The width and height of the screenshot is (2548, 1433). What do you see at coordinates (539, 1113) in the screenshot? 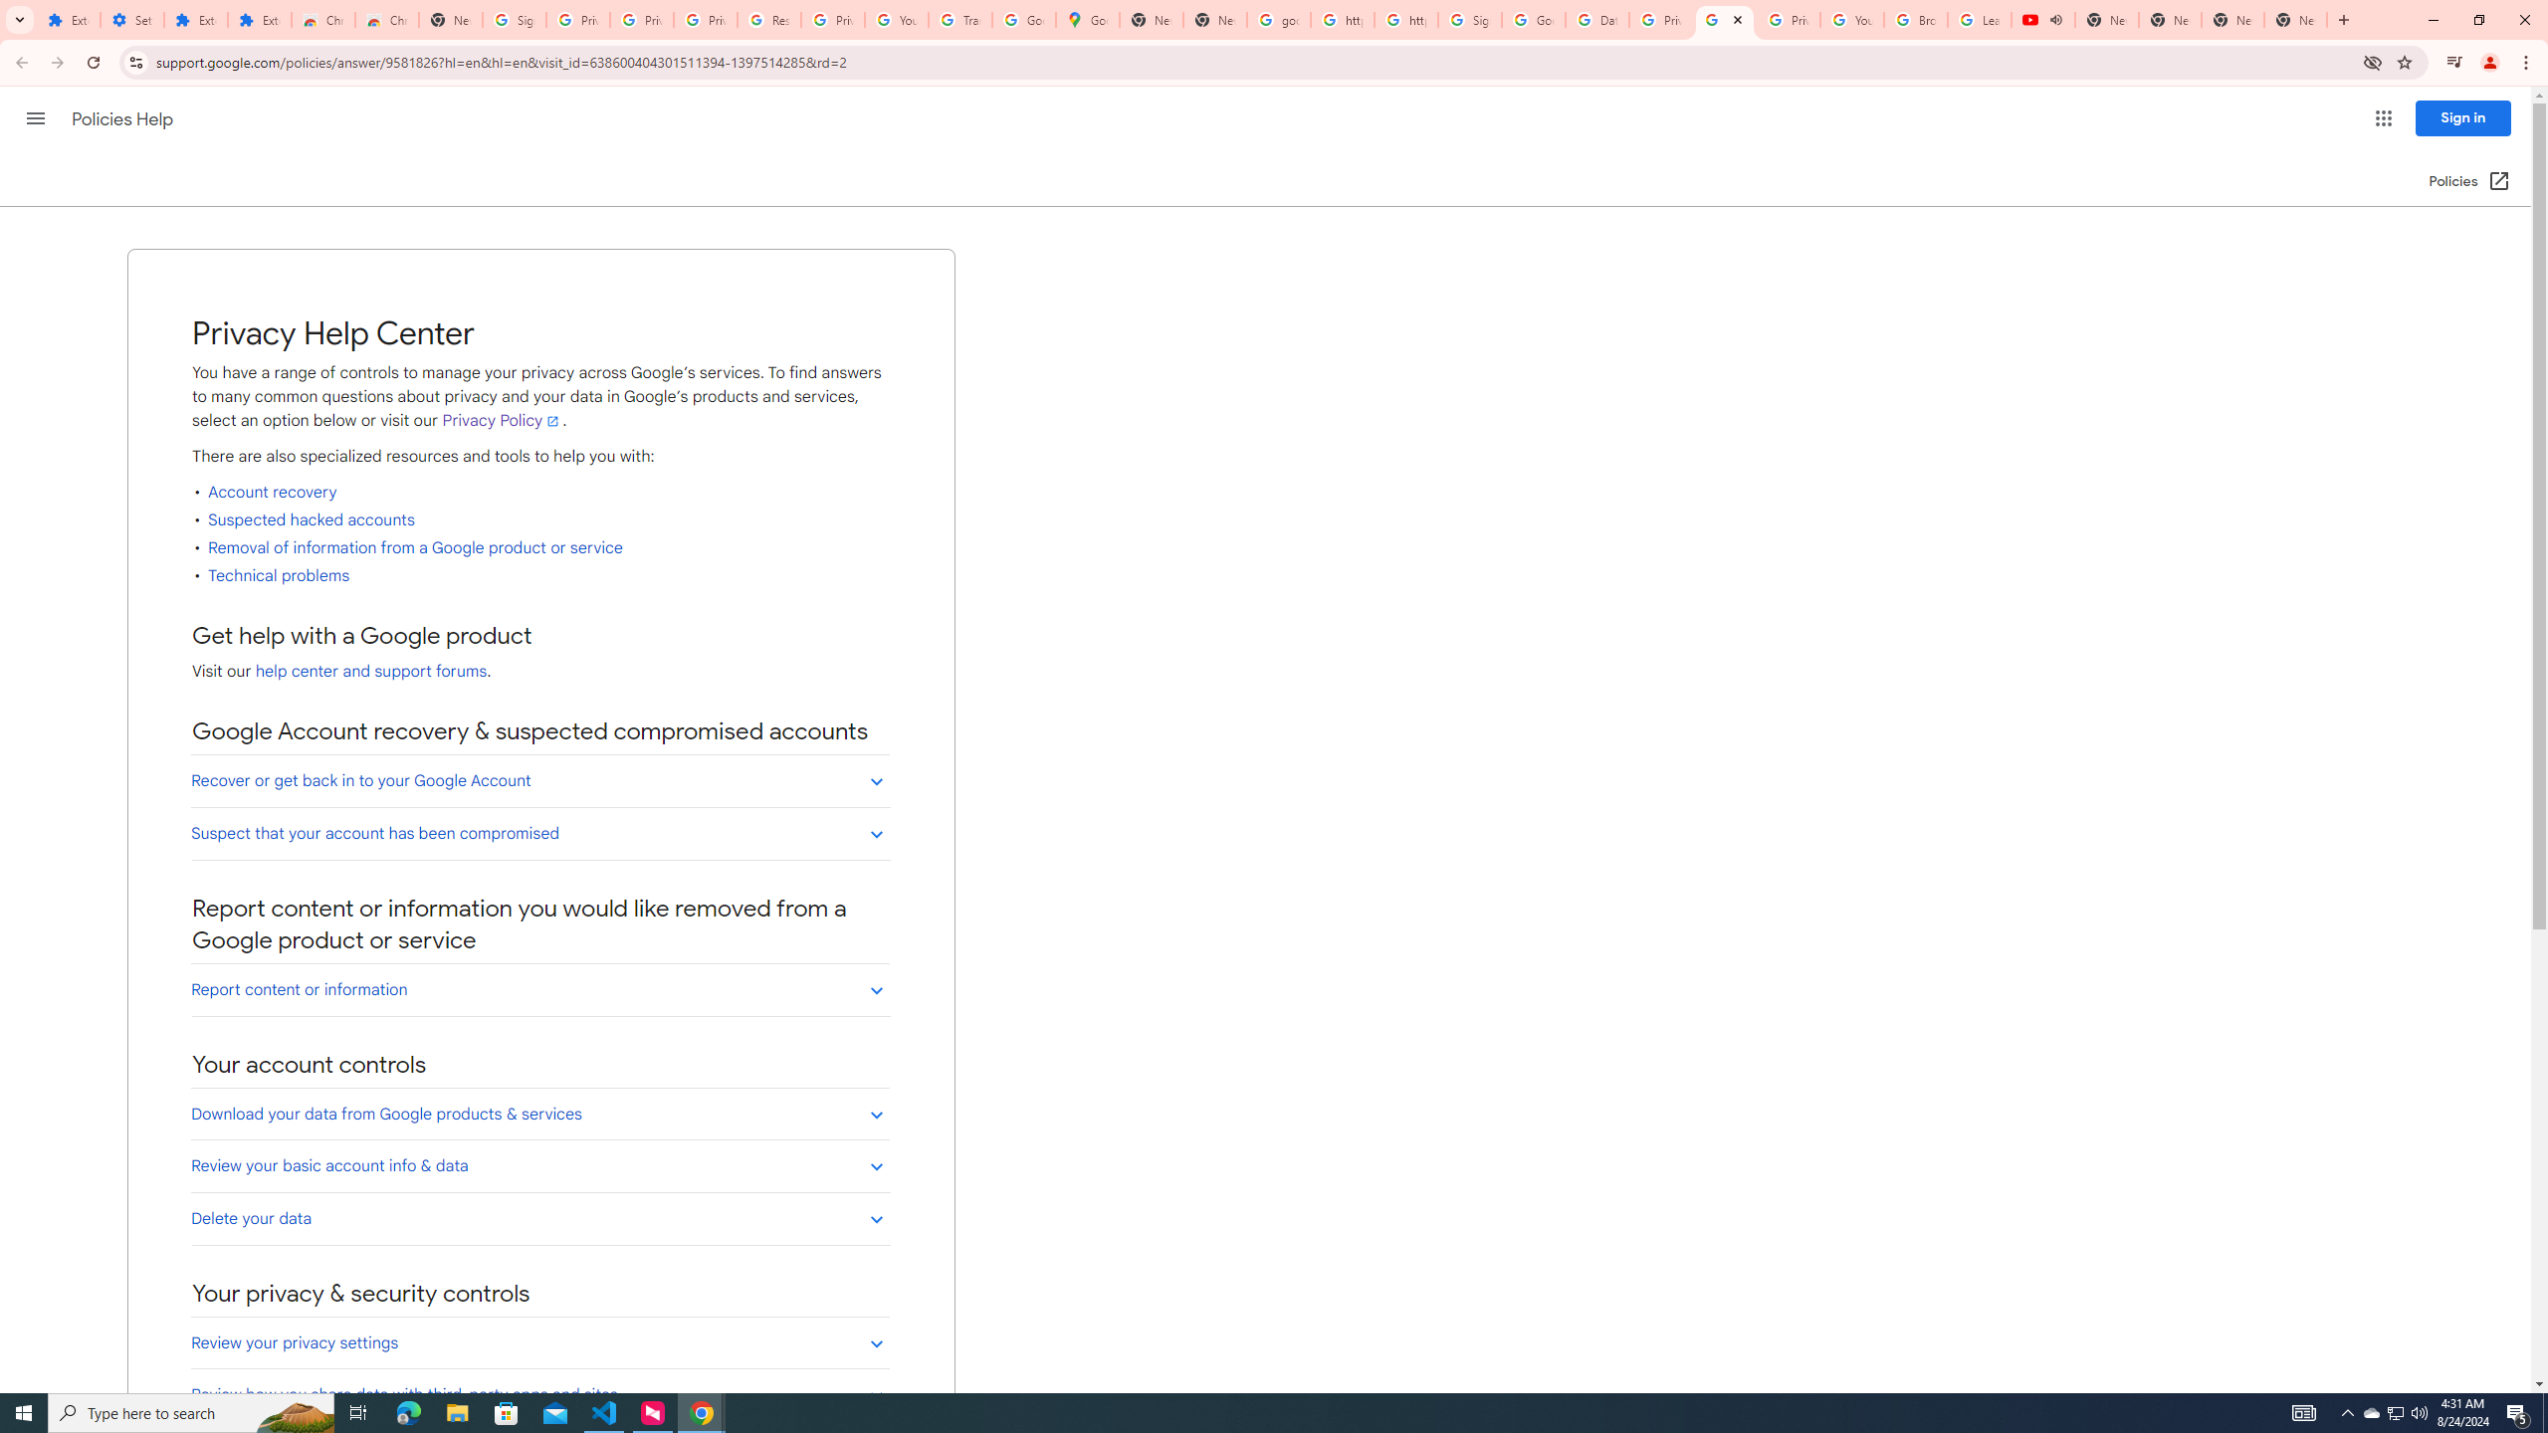
I see `'Download your data from Google products & services'` at bounding box center [539, 1113].